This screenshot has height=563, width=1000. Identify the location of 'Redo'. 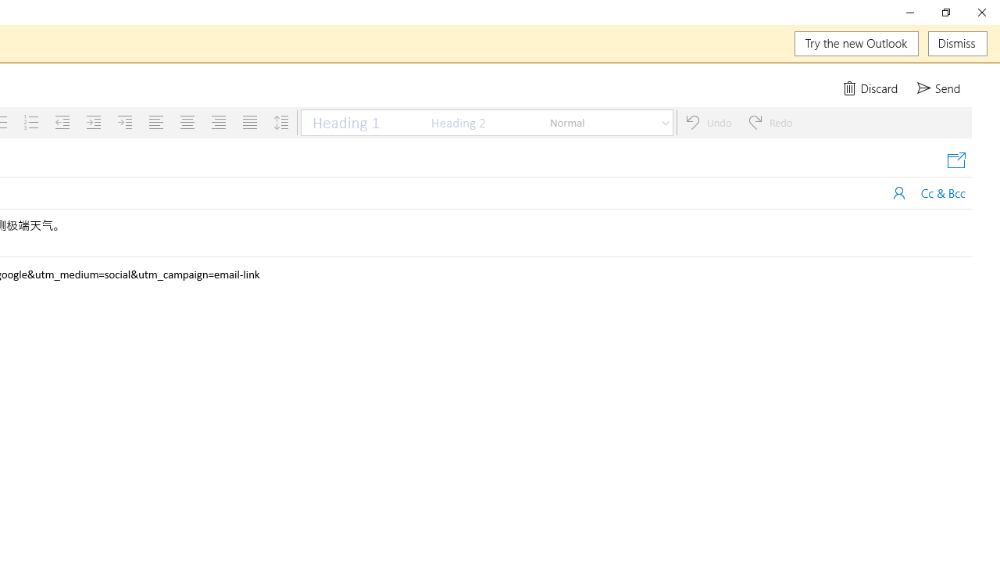
(770, 121).